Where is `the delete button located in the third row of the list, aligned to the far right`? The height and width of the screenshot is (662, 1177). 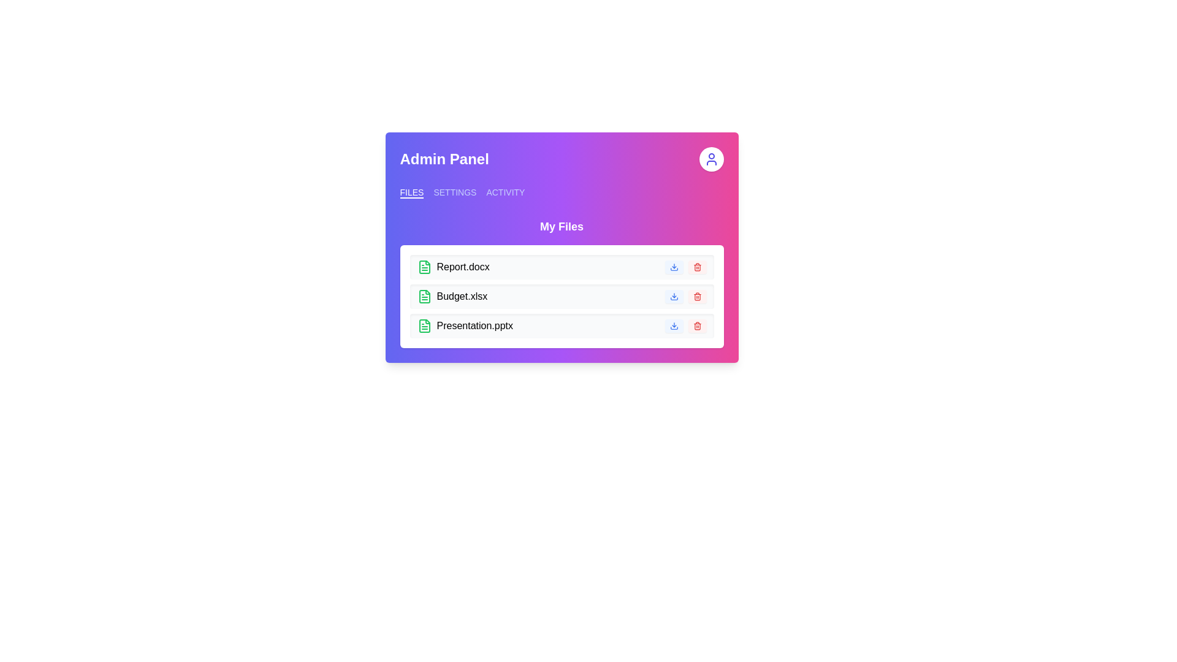 the delete button located in the third row of the list, aligned to the far right is located at coordinates (697, 325).